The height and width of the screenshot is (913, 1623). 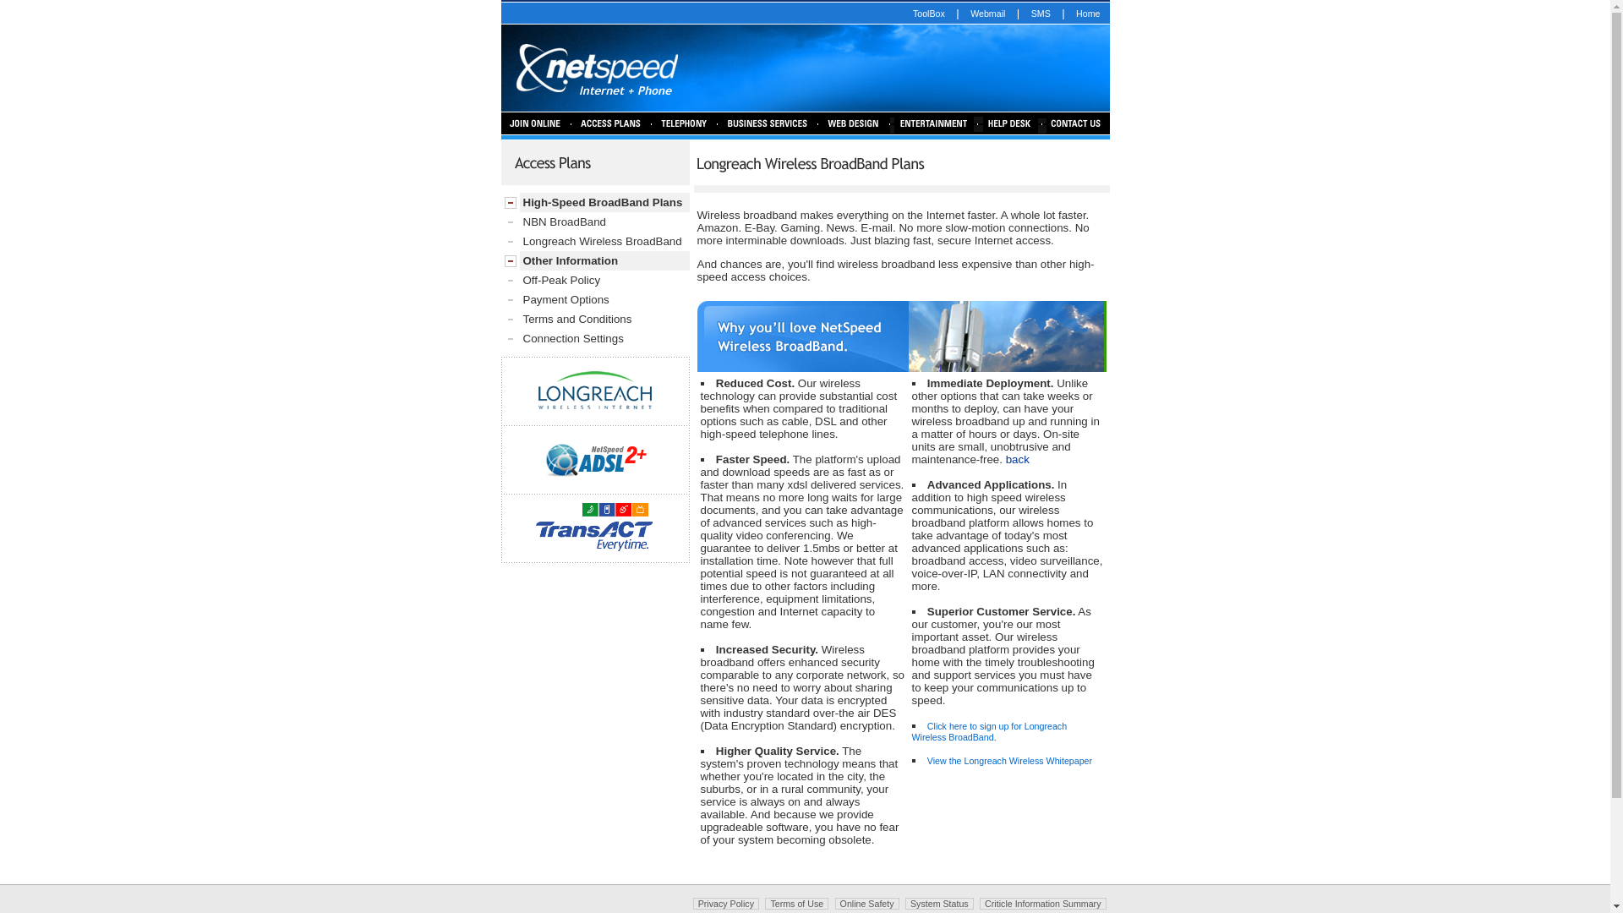 What do you see at coordinates (1017, 459) in the screenshot?
I see `'back'` at bounding box center [1017, 459].